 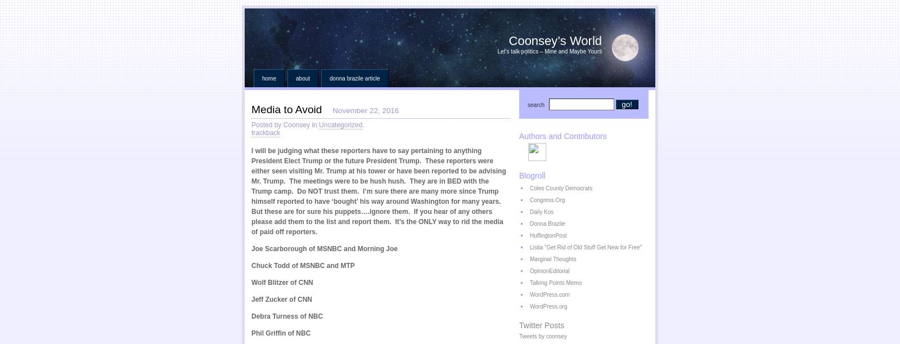 I want to click on 'Joe Scarborough of MSNBC and Morning Joe', so click(x=323, y=248).